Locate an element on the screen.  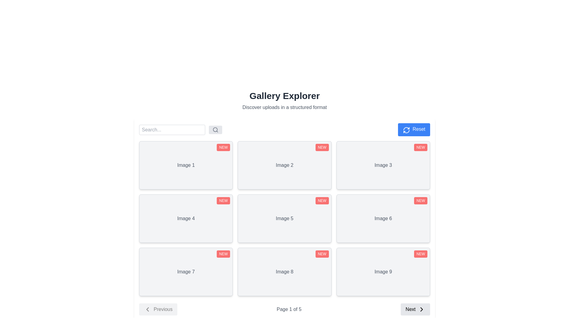
text label 'Image 8' located at the center-bottom of the card in the bottom row, middle column of the grid is located at coordinates (284, 272).